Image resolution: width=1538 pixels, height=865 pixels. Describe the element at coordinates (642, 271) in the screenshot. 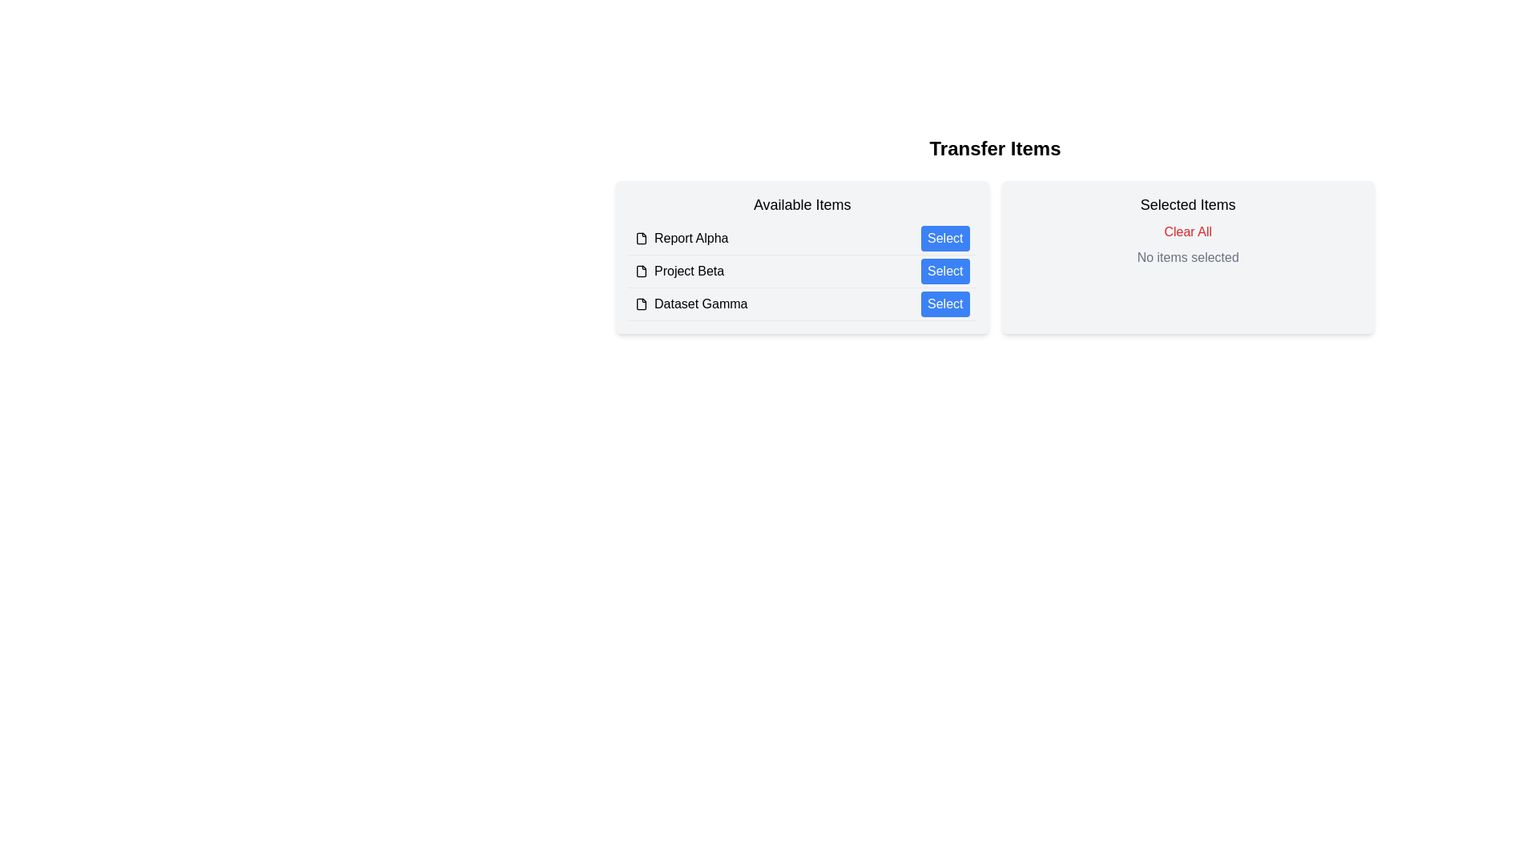

I see `the Decorative file icon located next to the text label 'Project Beta' in the left panel labeled 'Available Items'` at that location.